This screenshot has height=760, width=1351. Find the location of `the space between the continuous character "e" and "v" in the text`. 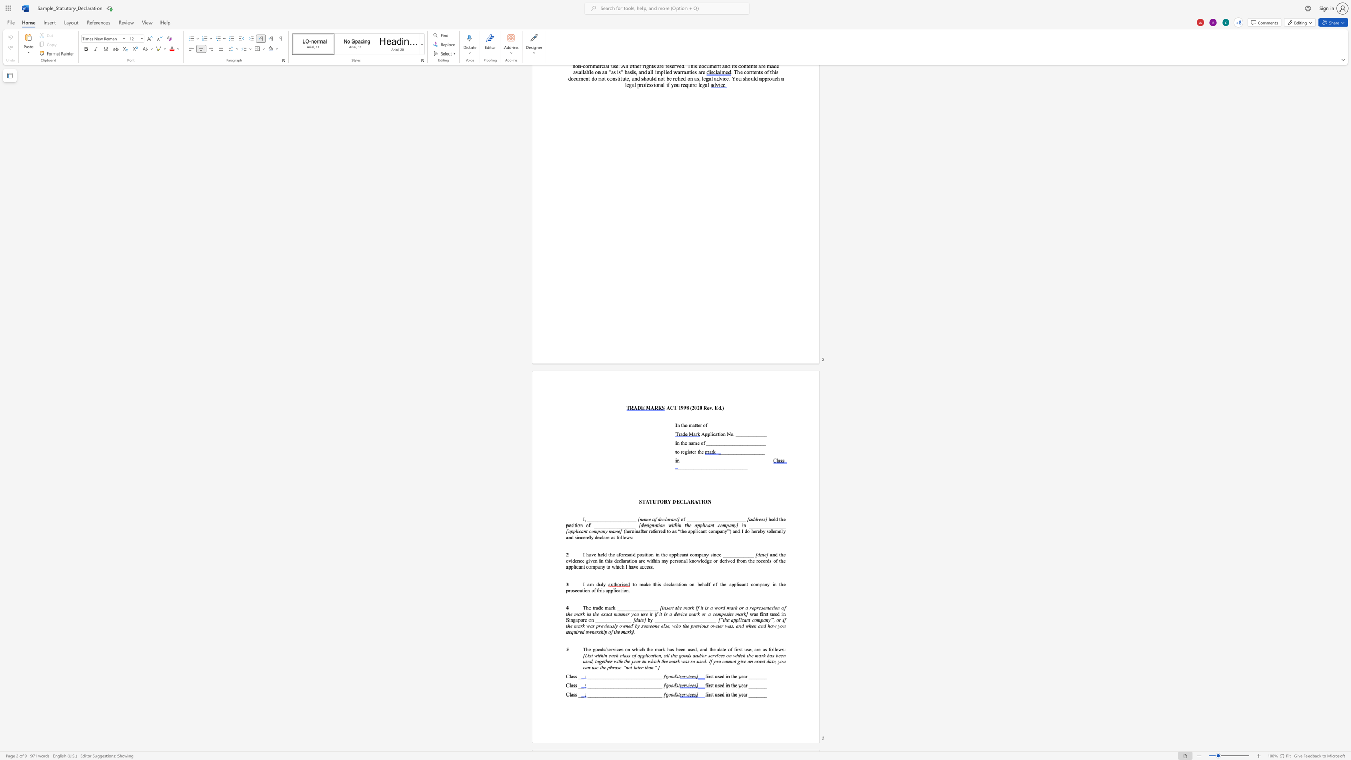

the space between the continuous character "e" and "v" in the text is located at coordinates (709, 407).